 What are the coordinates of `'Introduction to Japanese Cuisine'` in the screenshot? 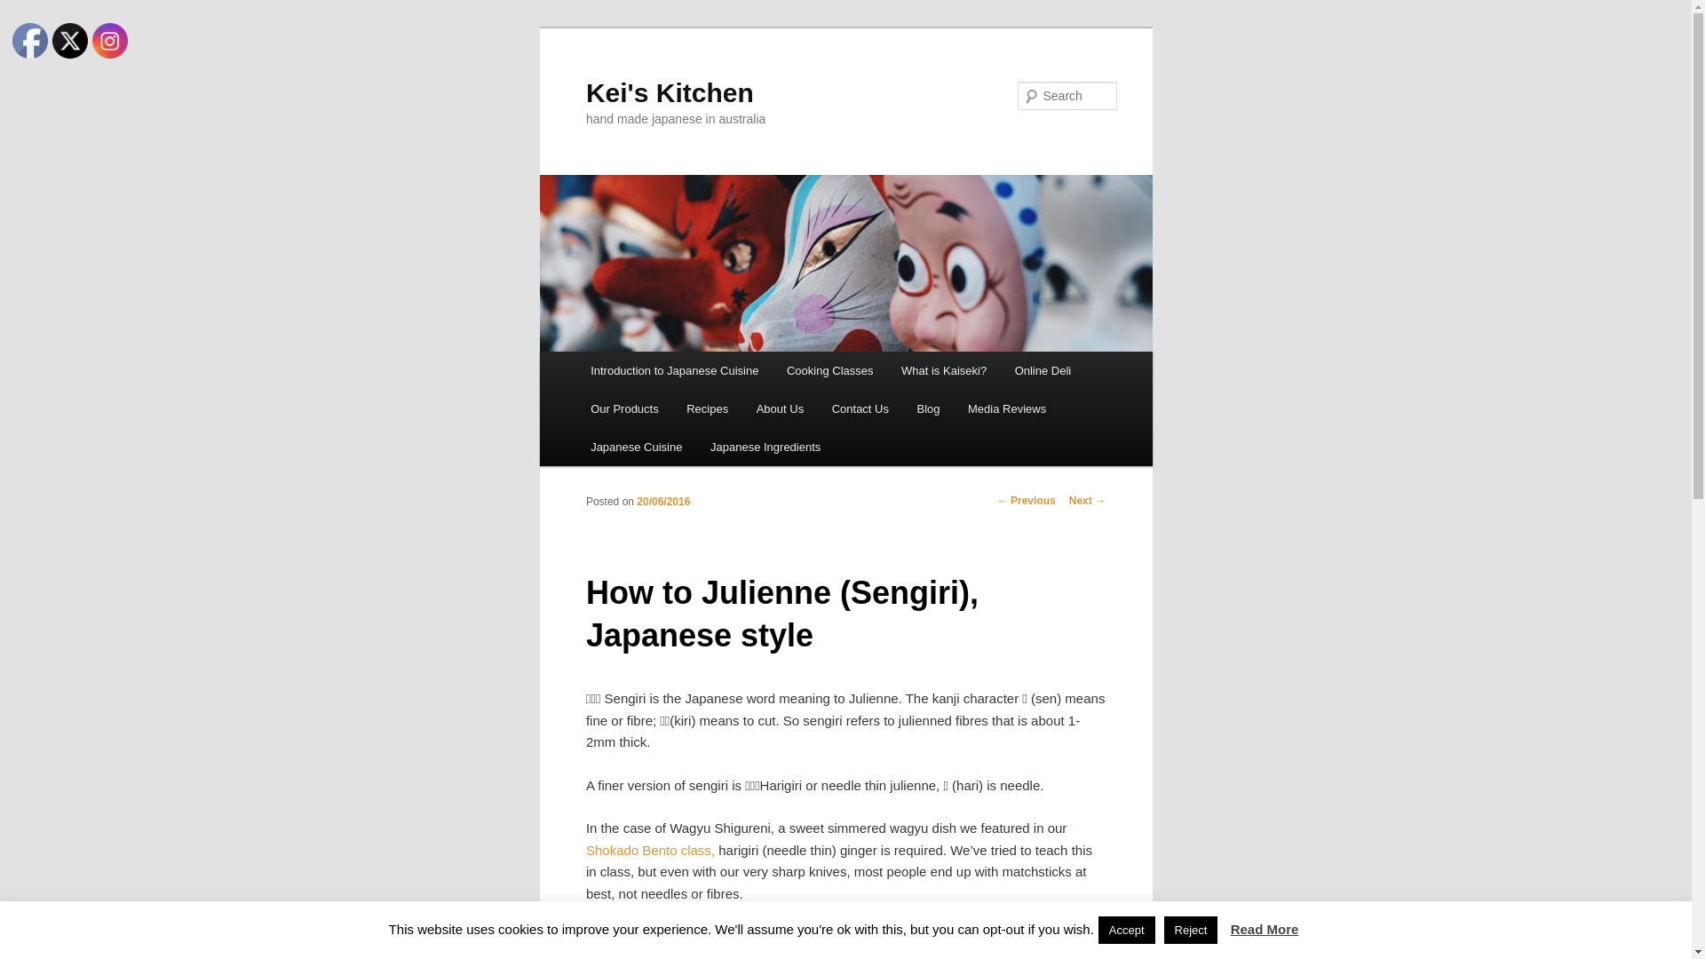 It's located at (673, 369).